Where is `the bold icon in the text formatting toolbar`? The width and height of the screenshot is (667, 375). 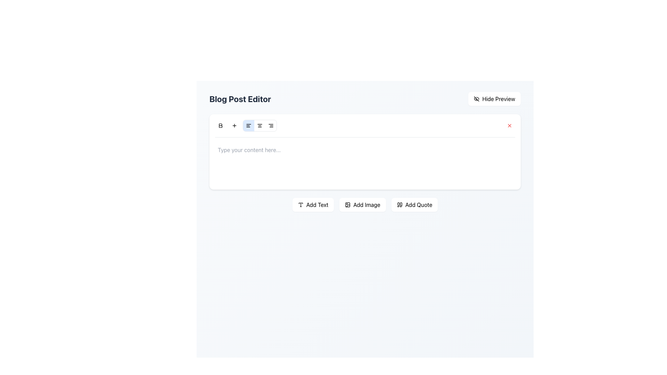
the bold icon in the text formatting toolbar is located at coordinates (220, 126).